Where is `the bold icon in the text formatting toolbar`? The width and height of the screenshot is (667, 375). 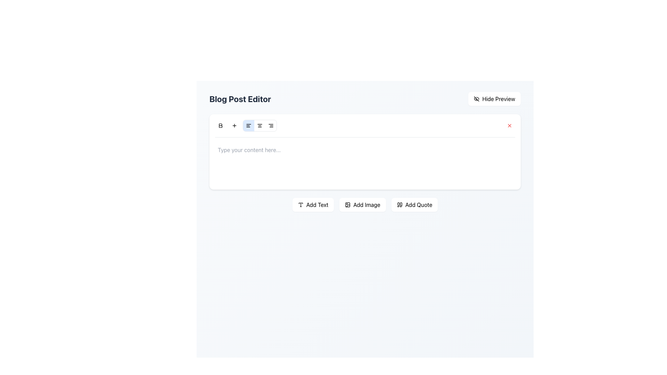
the bold icon in the text formatting toolbar is located at coordinates (220, 126).